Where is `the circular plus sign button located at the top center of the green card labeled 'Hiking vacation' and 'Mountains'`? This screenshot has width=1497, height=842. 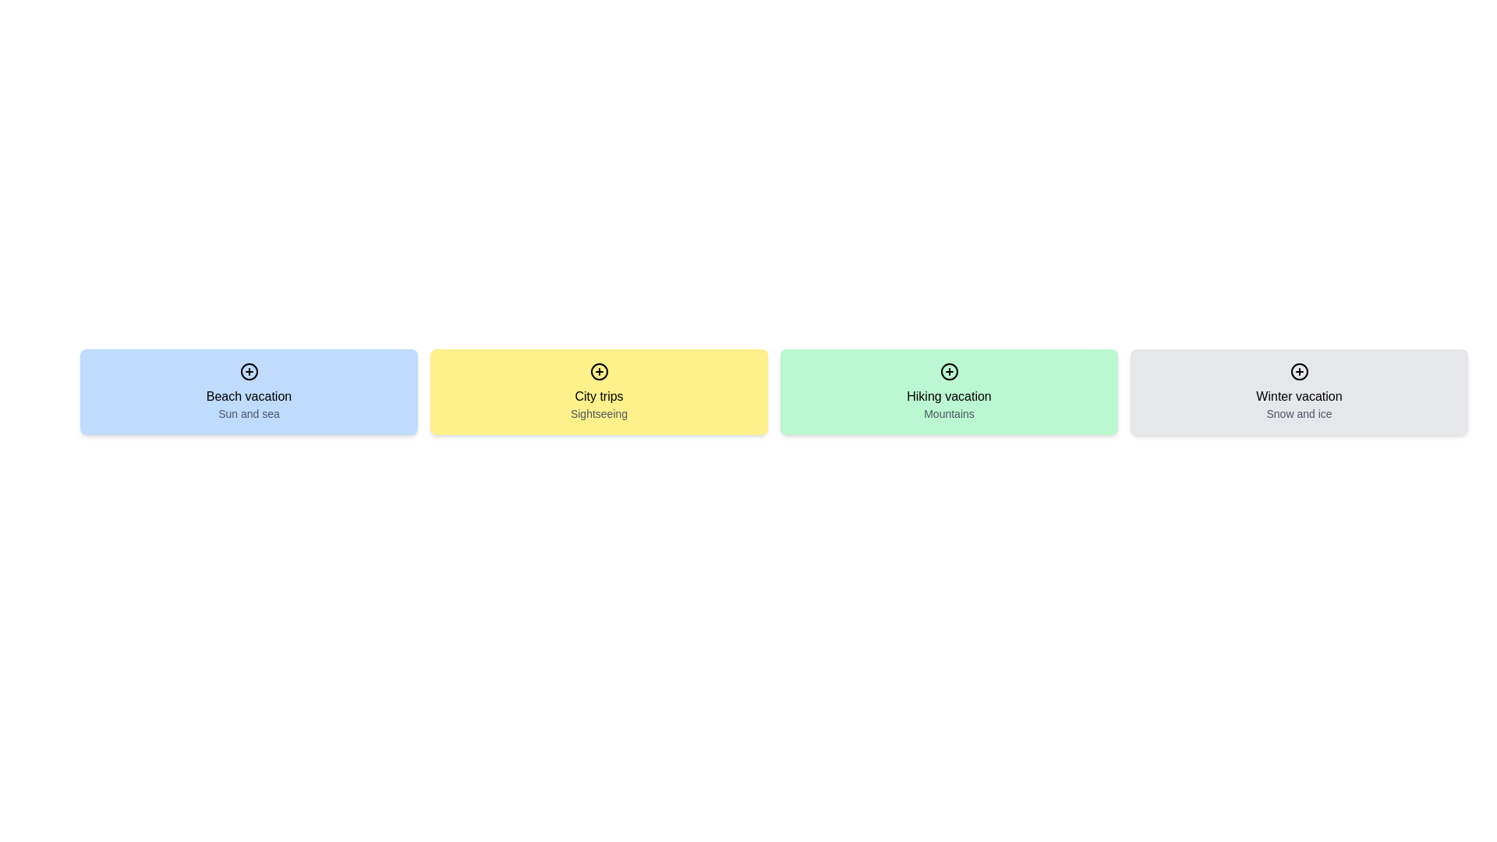 the circular plus sign button located at the top center of the green card labeled 'Hiking vacation' and 'Mountains' is located at coordinates (948, 372).